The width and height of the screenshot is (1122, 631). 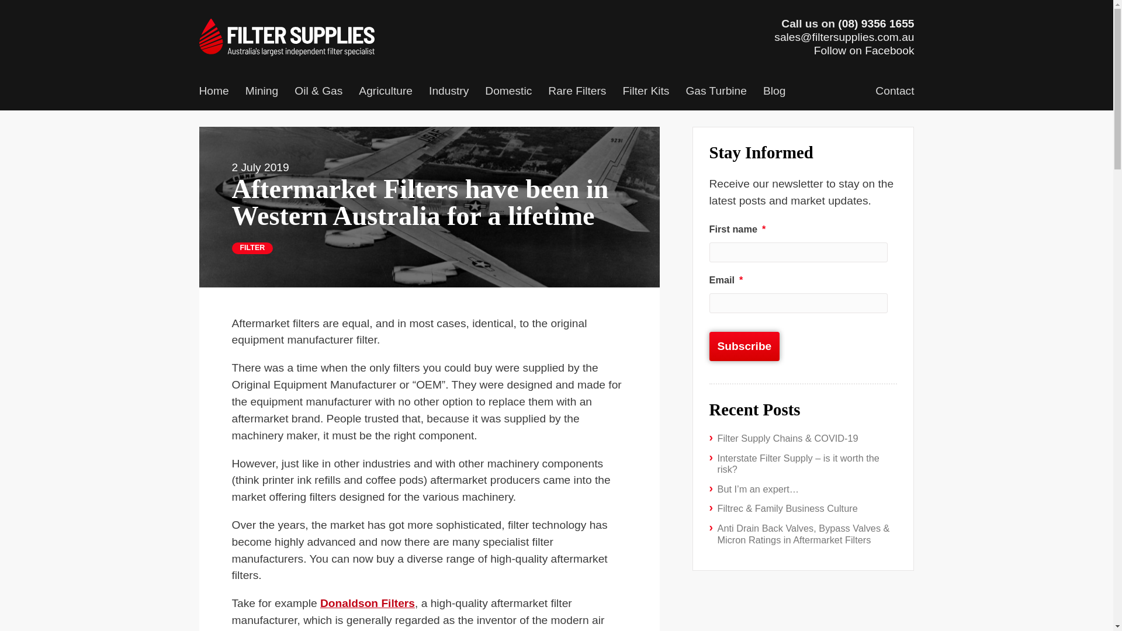 I want to click on 'Rare Filters', so click(x=577, y=92).